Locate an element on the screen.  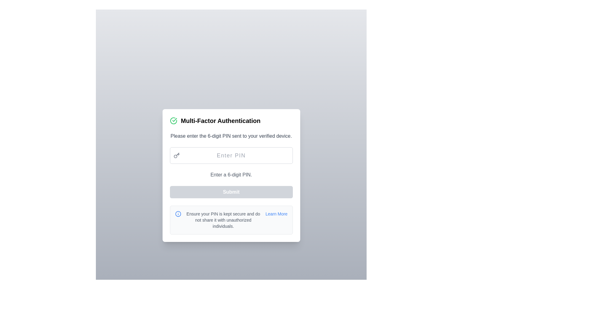
the information or alert icon located at the leftmost side of the section, aligned horizontally with the text 'Ensure your PIN is kept secure and do not share it with unauthorized individuals.' is located at coordinates (178, 213).